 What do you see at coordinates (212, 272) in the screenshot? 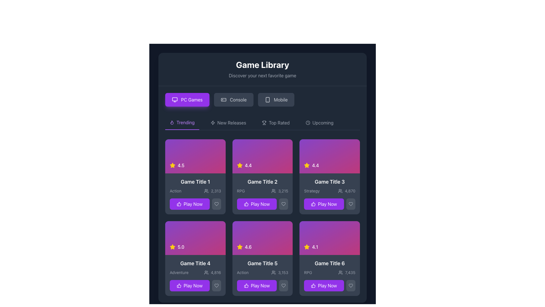
I see `the Text Label displaying the number of users for the game, which shows '4,816', located at the bottom part of the fourth card in the grid layout` at bounding box center [212, 272].